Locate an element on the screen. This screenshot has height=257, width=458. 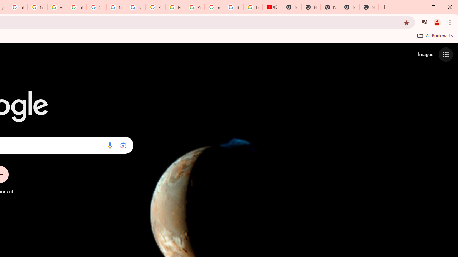
'Privacy Help Center - Policies Help' is located at coordinates (155, 7).